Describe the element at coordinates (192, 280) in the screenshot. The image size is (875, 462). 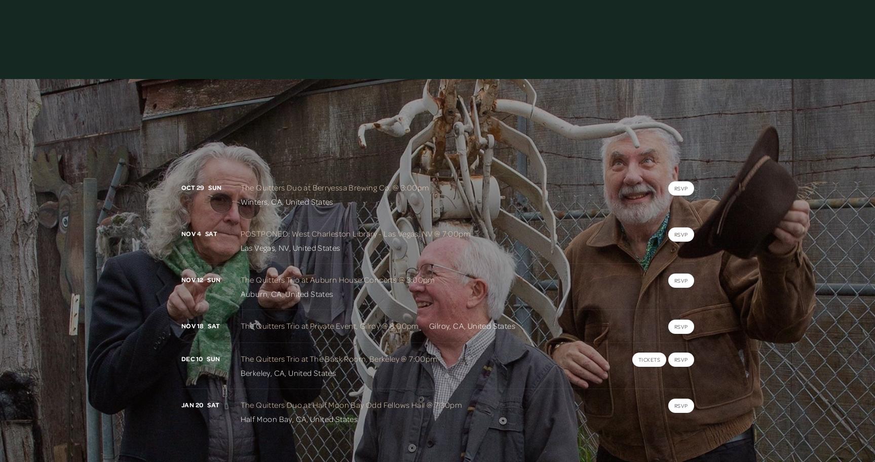
I see `'Nov 12'` at that location.